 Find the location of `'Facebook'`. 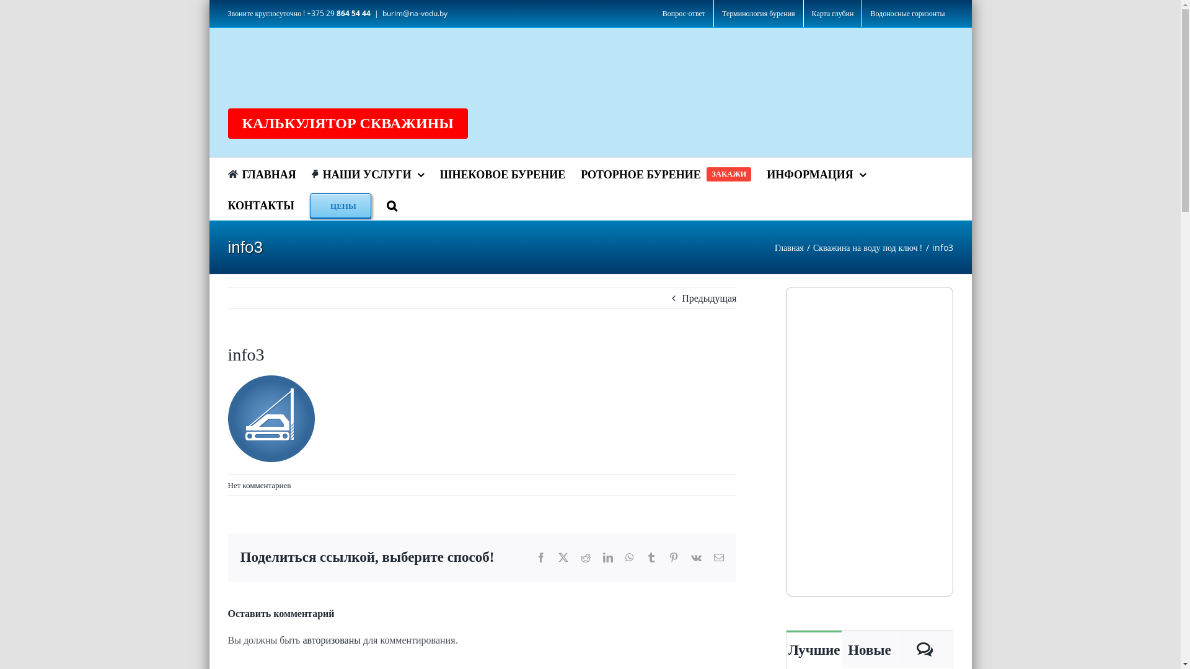

'Facebook' is located at coordinates (541, 556).